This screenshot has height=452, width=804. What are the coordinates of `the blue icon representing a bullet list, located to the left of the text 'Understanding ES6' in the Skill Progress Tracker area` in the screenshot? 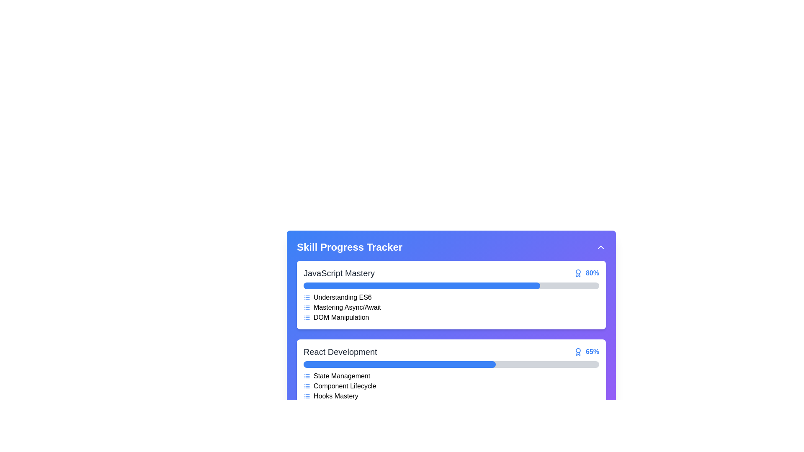 It's located at (307, 297).